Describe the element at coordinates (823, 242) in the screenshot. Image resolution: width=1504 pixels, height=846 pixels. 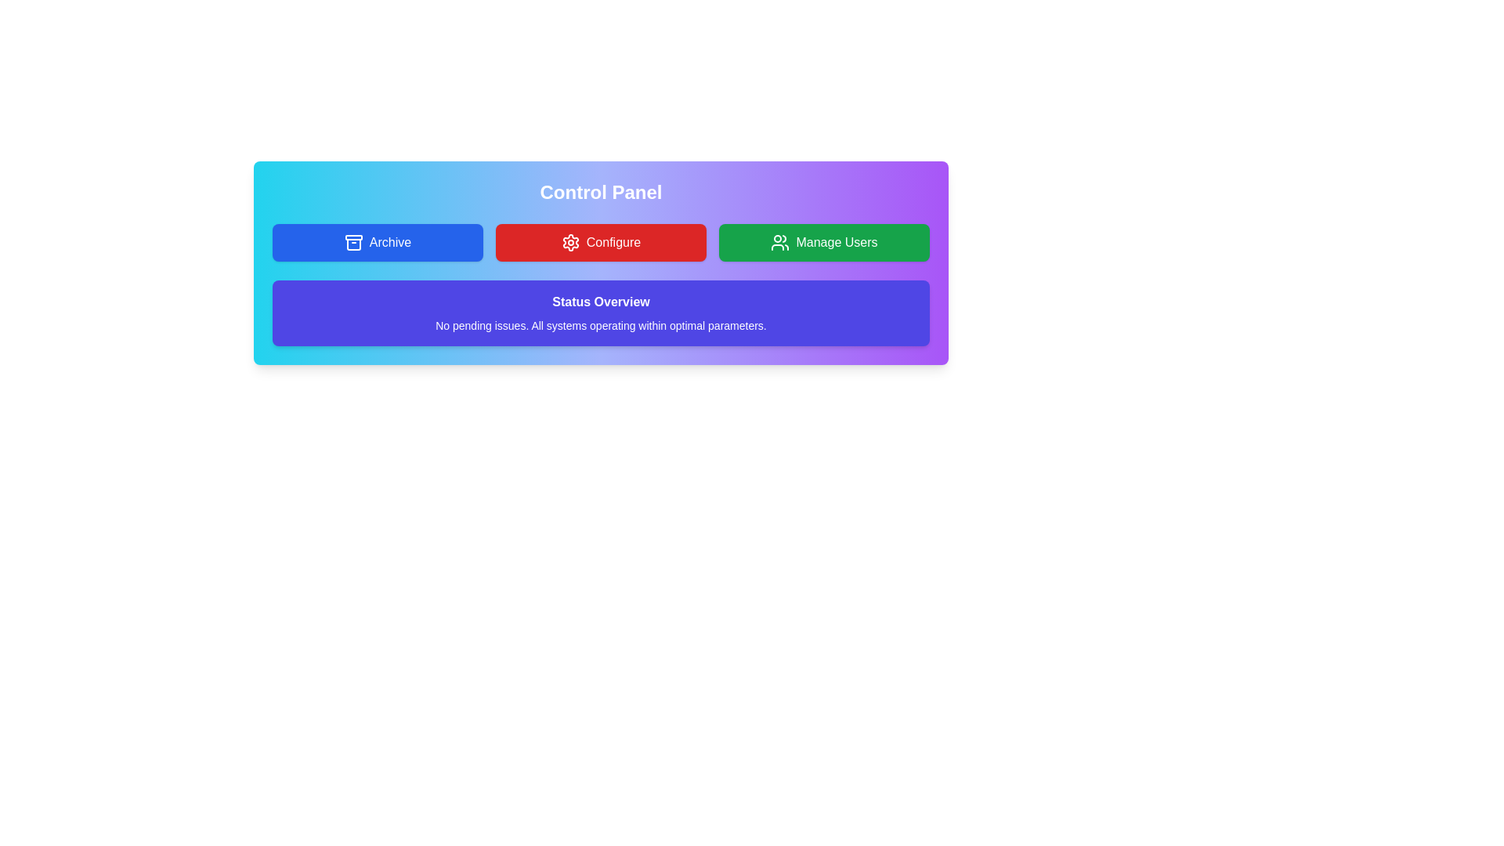
I see `the third button in a horizontal row of three buttons, located to the right of 'Archive' and 'Configure'` at that location.